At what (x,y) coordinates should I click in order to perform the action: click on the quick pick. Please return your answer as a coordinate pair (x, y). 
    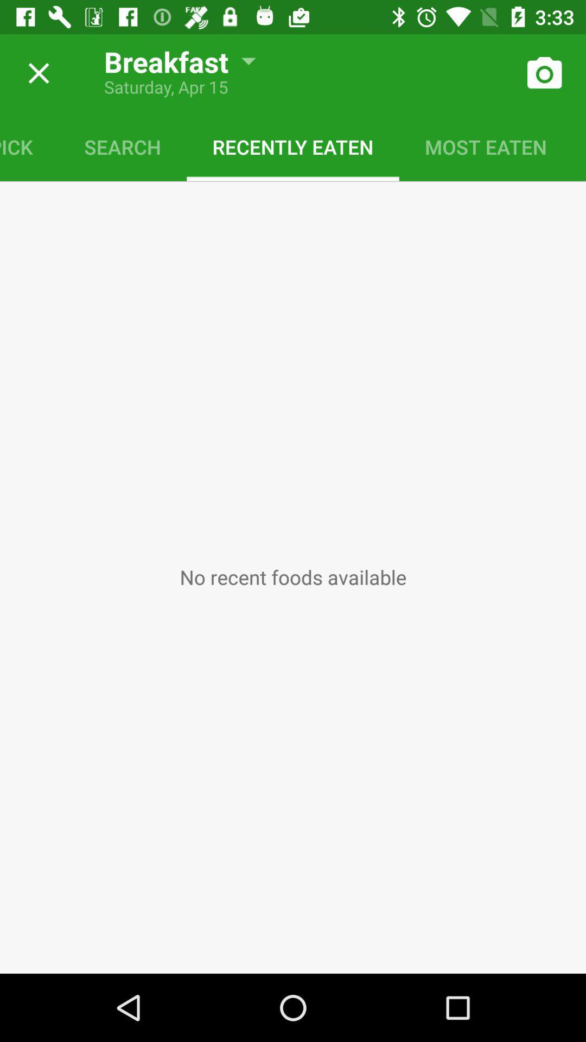
    Looking at the image, I should click on (29, 146).